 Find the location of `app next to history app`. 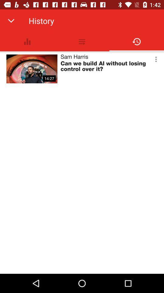

app next to history app is located at coordinates (11, 21).